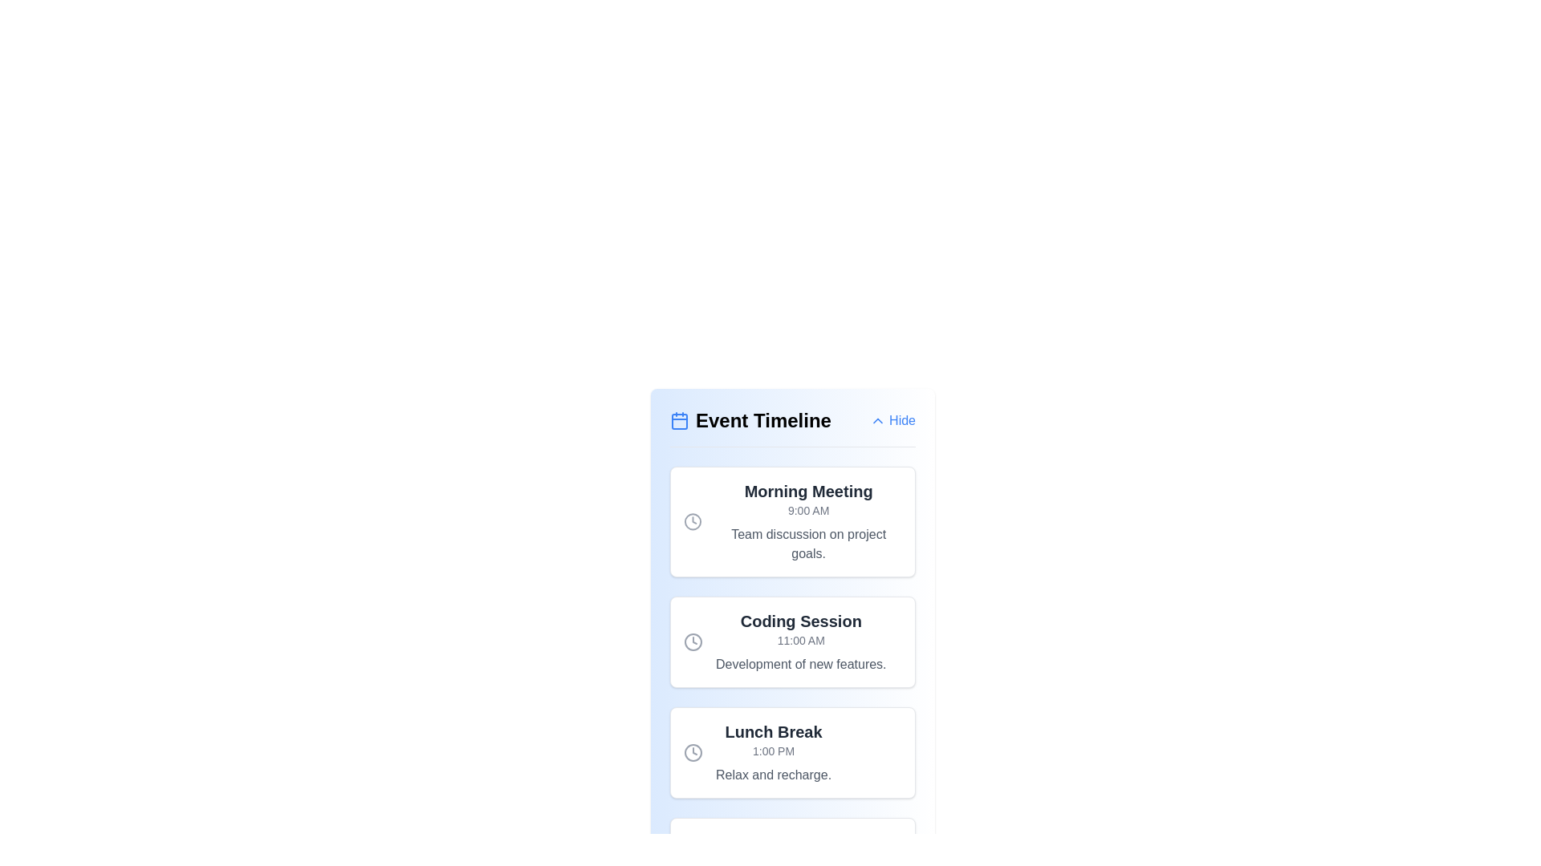 This screenshot has height=866, width=1541. I want to click on the Decorative SVG Rectangle that represents the main body of the calendar icon located at the top-left of the header labeled 'Event Timeline', so click(679, 420).